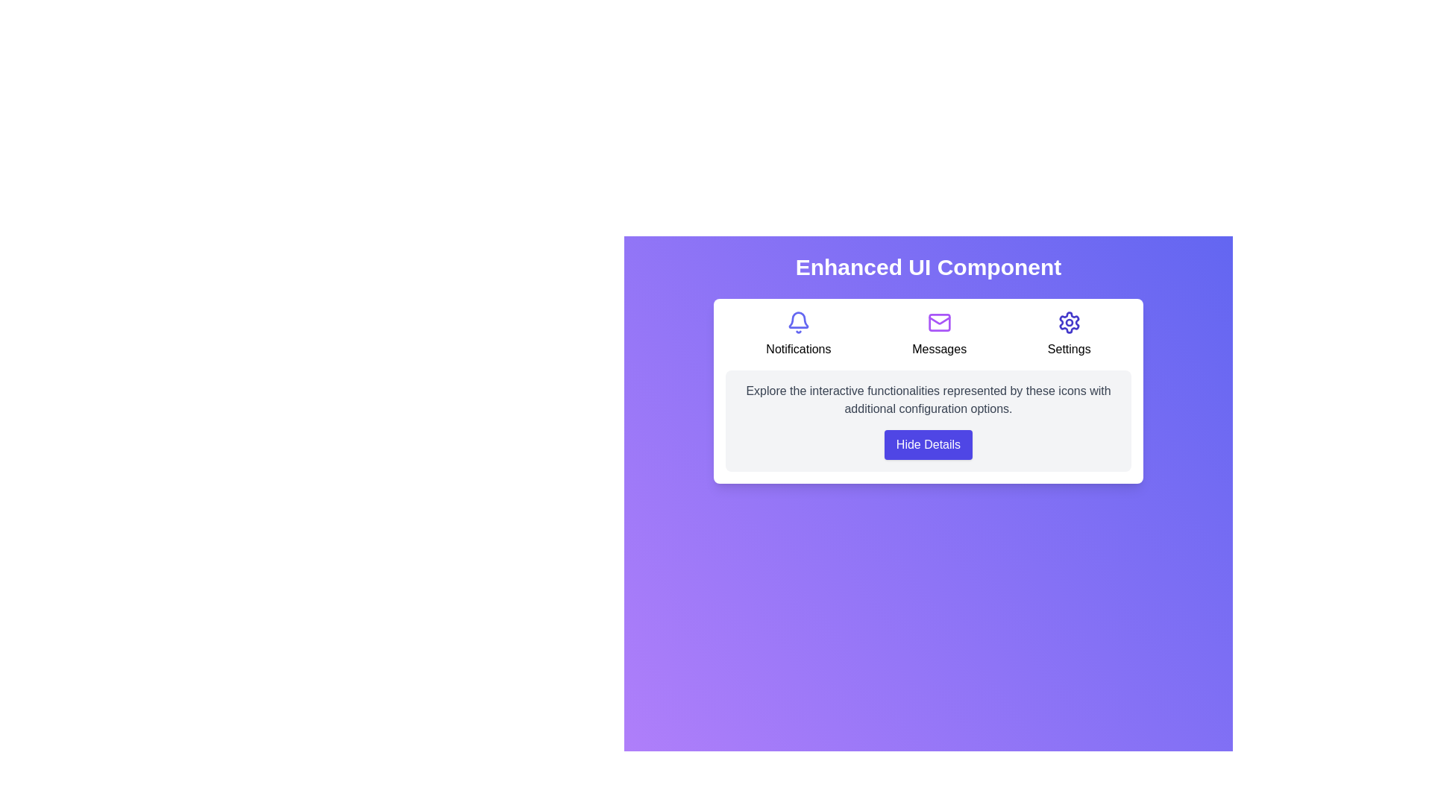  What do you see at coordinates (938, 333) in the screenshot?
I see `the button located between 'Notifications' and 'Settings'` at bounding box center [938, 333].